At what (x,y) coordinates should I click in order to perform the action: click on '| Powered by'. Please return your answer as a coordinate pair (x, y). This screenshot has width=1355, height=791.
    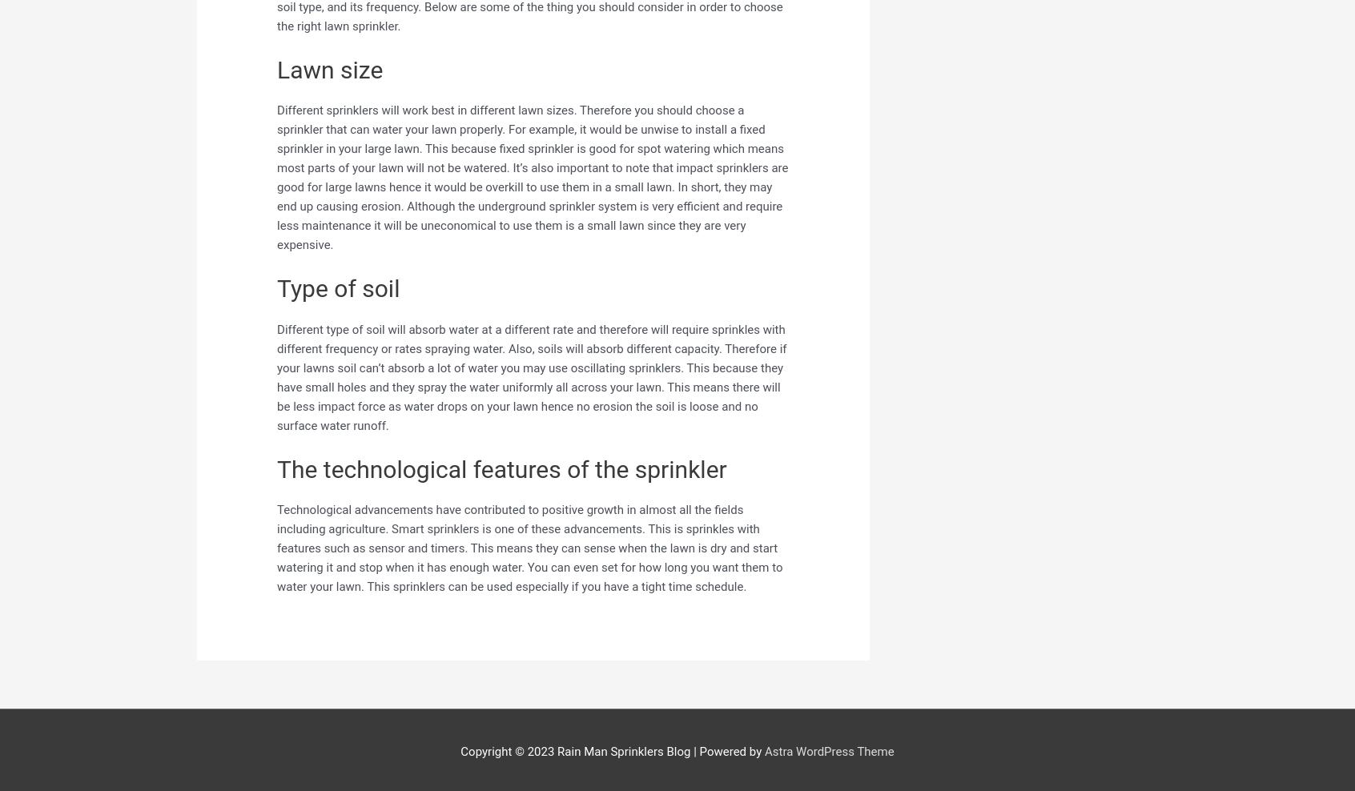
    Looking at the image, I should click on (726, 751).